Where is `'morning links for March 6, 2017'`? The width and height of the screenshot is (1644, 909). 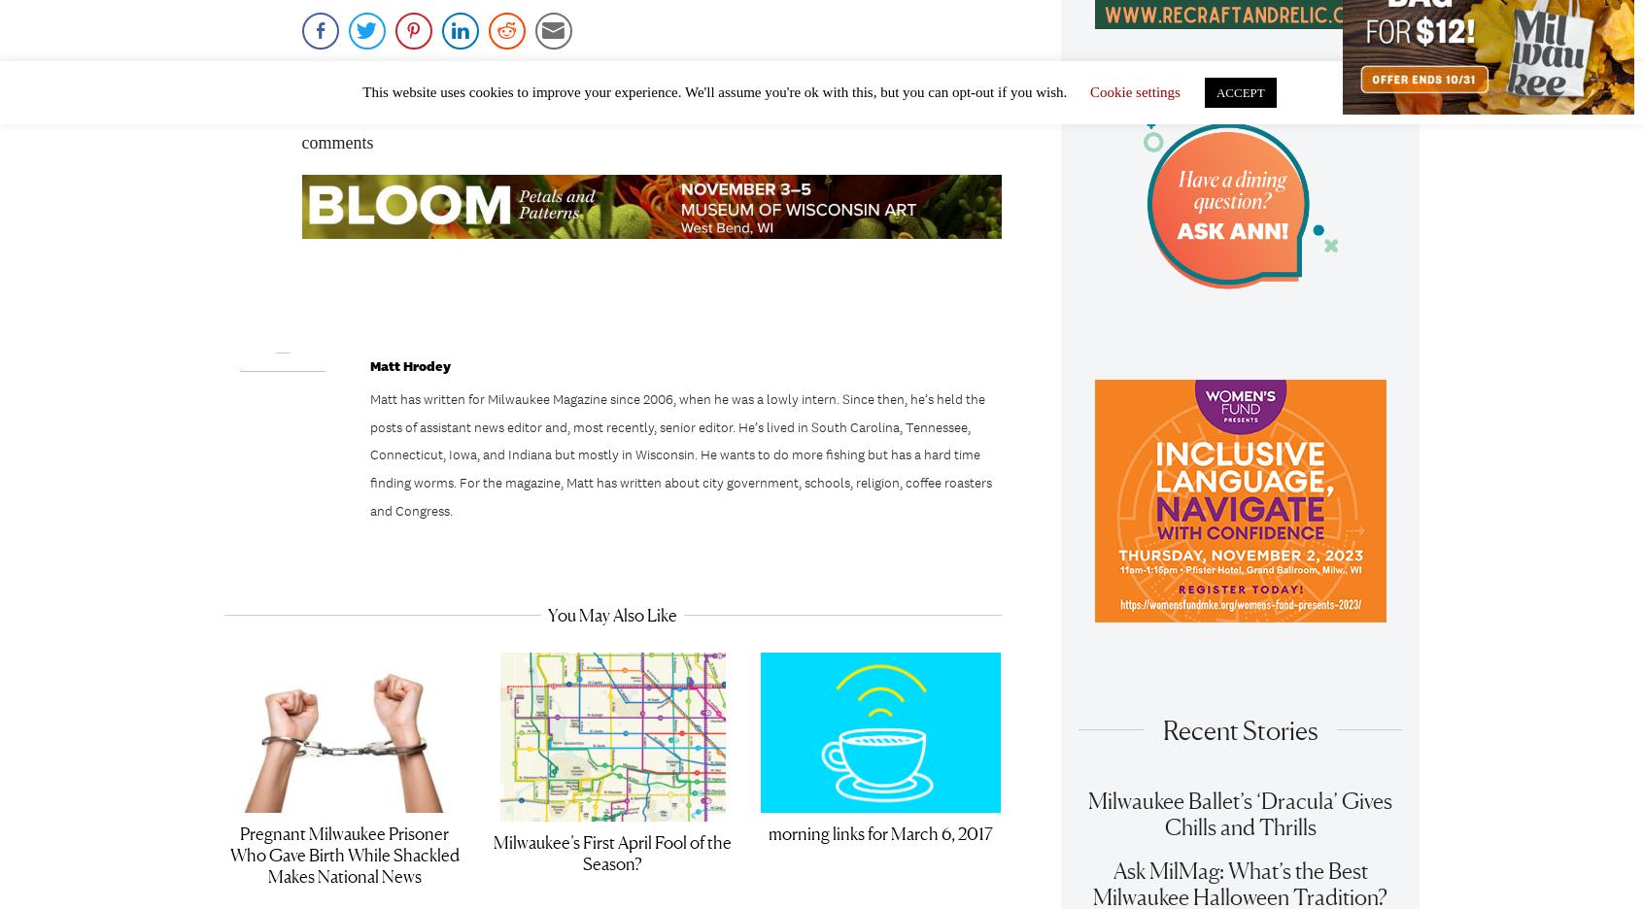
'morning links for March 6, 2017' is located at coordinates (879, 841).